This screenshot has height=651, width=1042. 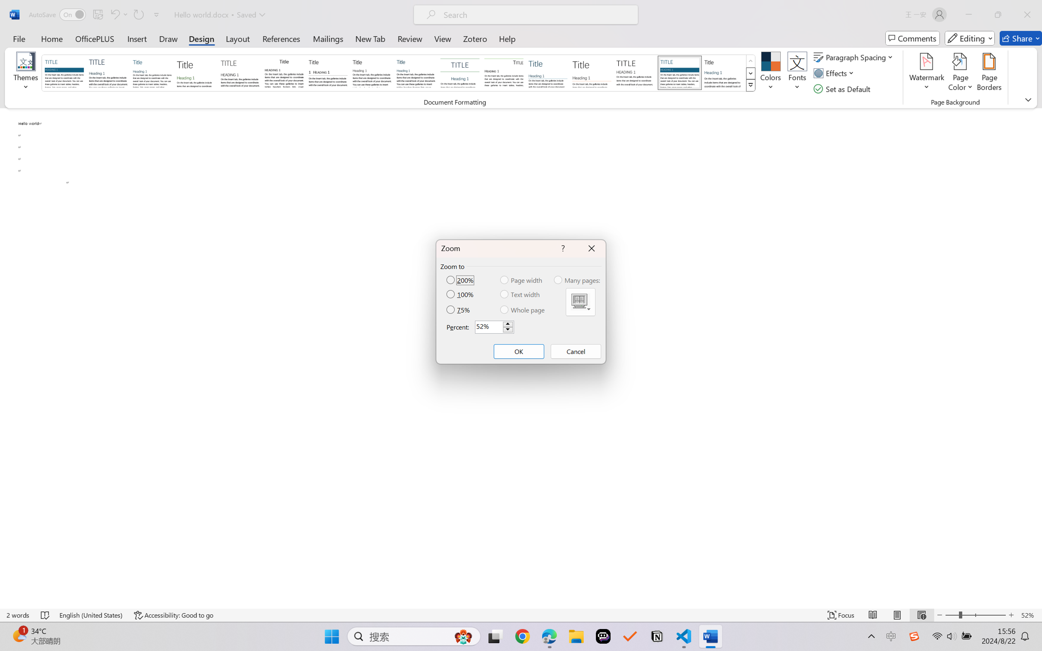 I want to click on 'Read Mode', so click(x=873, y=615).